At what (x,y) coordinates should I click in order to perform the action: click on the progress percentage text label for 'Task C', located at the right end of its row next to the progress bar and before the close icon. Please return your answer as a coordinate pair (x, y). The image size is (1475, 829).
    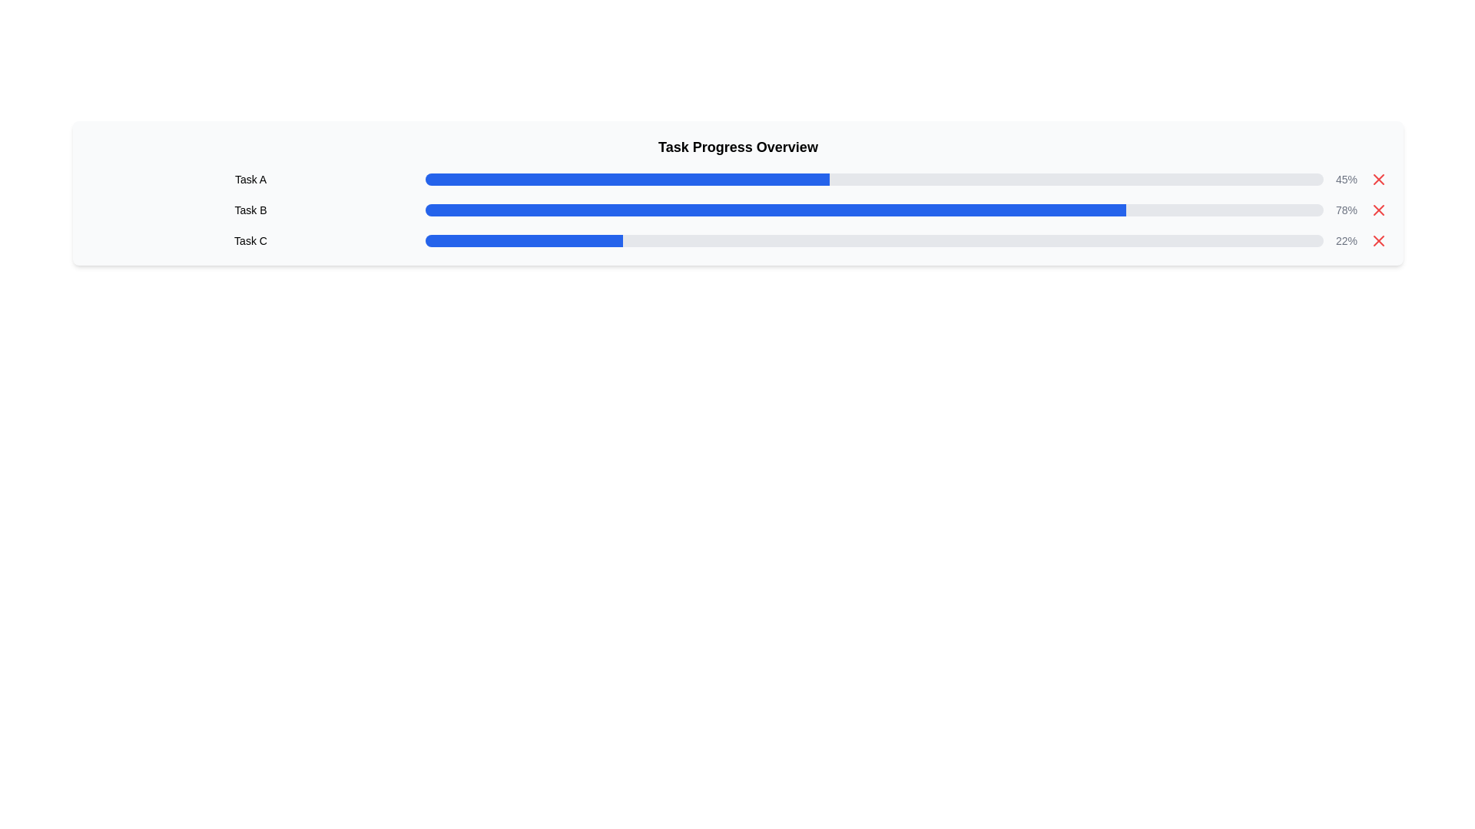
    Looking at the image, I should click on (1345, 240).